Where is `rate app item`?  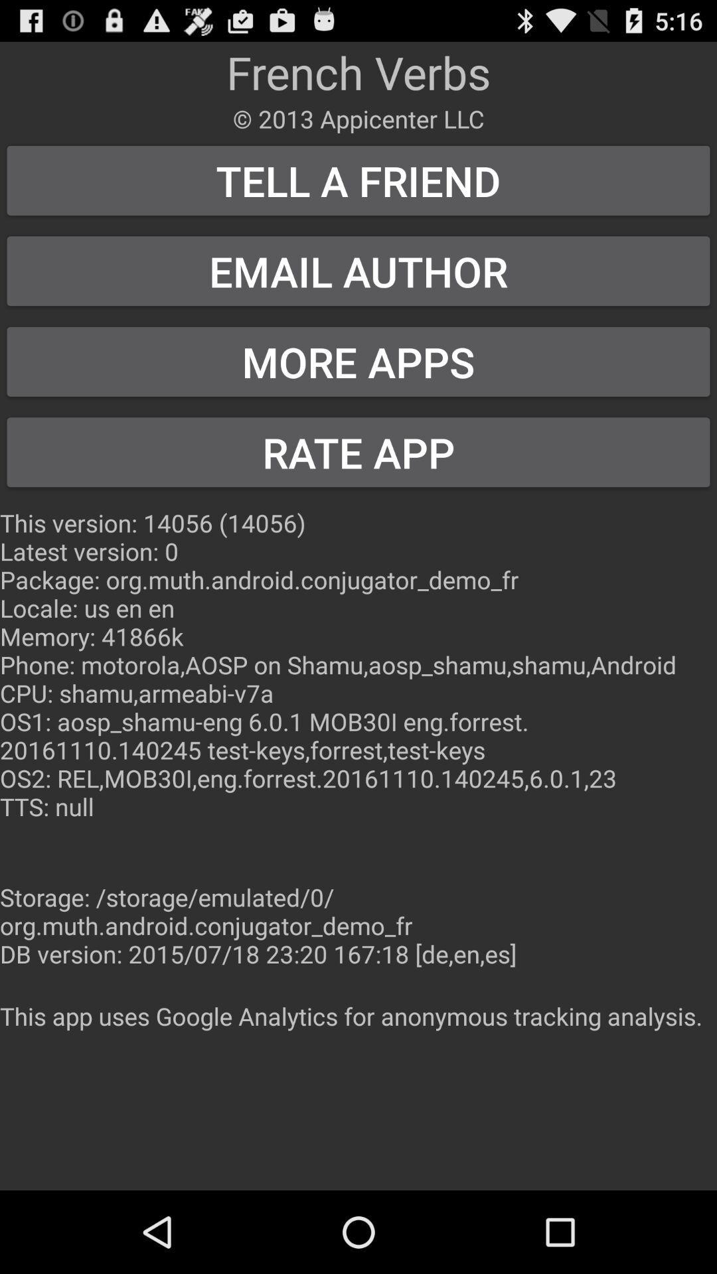 rate app item is located at coordinates (358, 452).